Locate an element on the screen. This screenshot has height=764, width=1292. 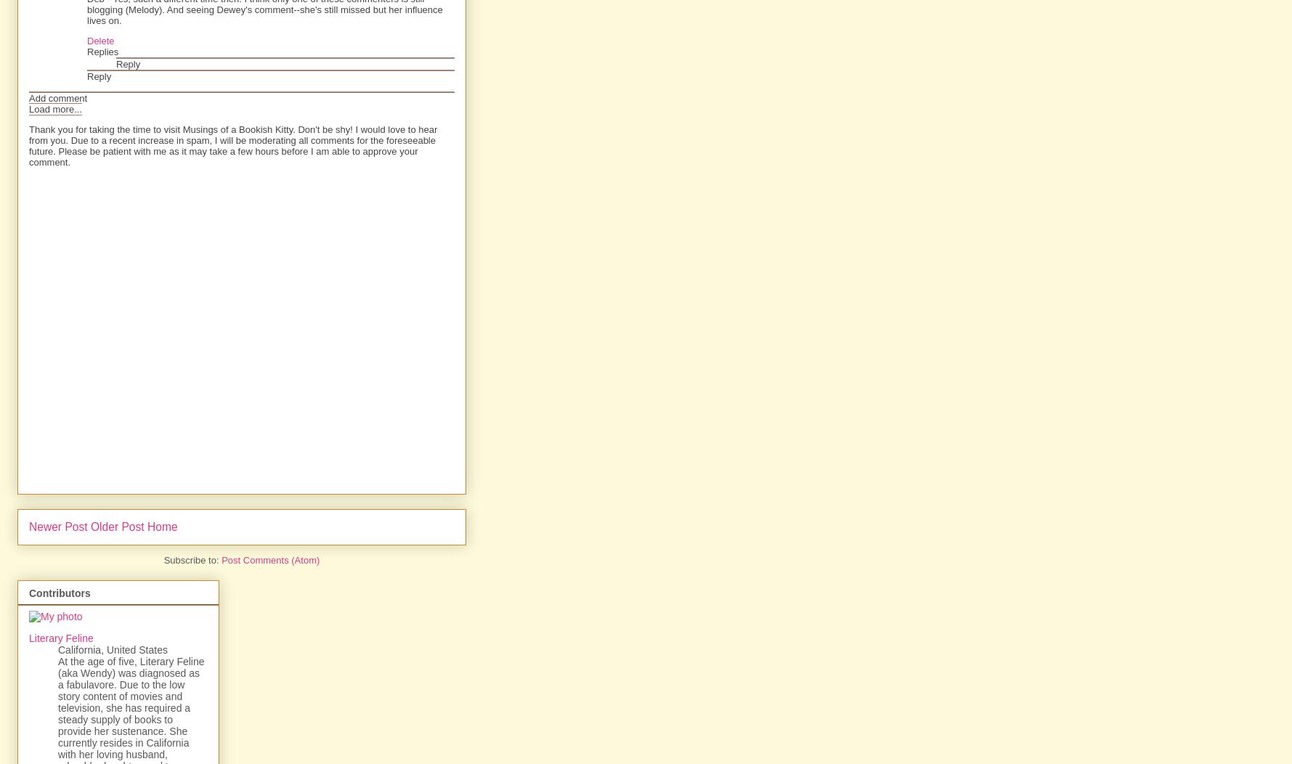
'Contributors' is located at coordinates (59, 593).